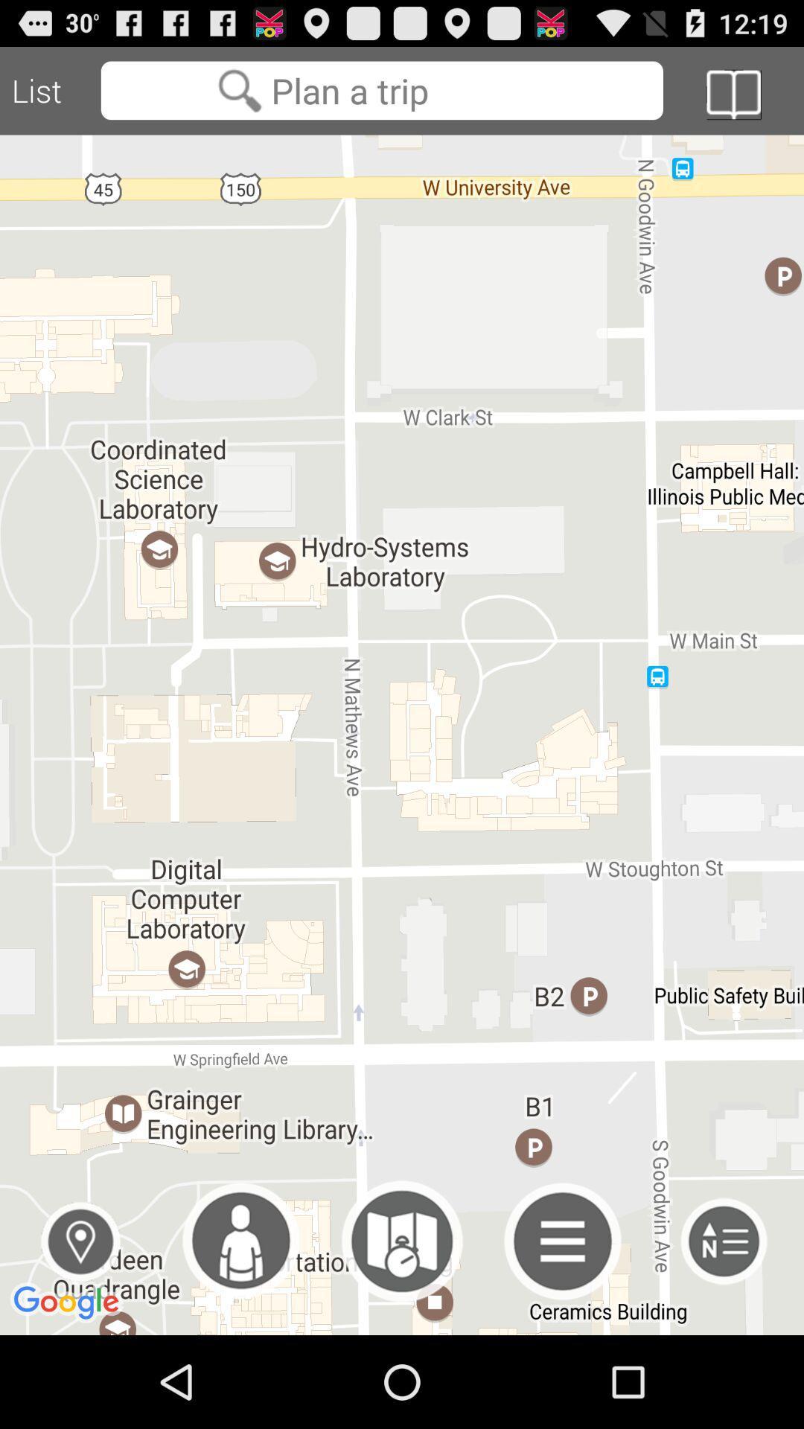 The image size is (804, 1429). I want to click on the item below the list, so click(80, 1241).